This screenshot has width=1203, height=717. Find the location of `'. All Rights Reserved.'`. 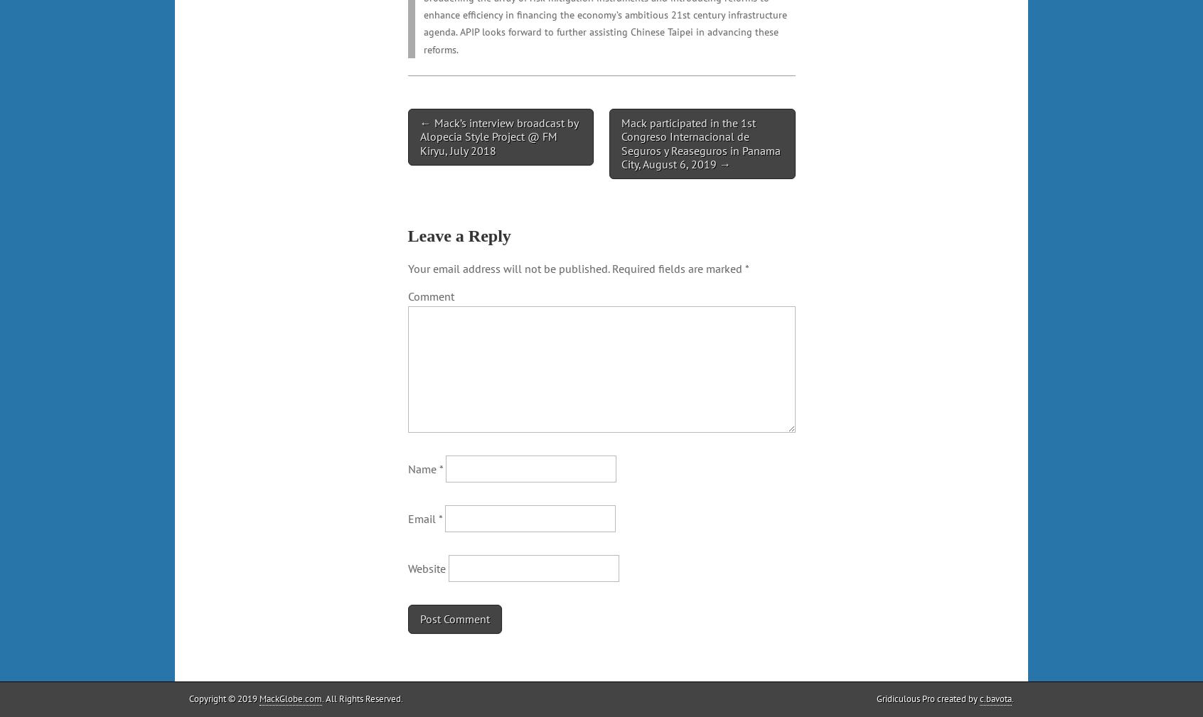

'. All Rights Reserved.' is located at coordinates (321, 698).